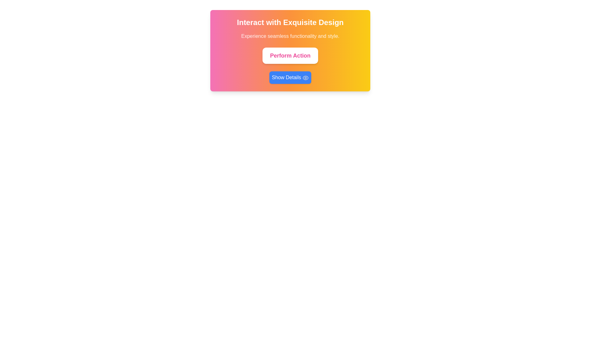 The width and height of the screenshot is (600, 338). Describe the element at coordinates (290, 55) in the screenshot. I see `the 'Perform Action' button, which has a white background, rounded edges, and displays the text in bold pink font to observe the hover effects` at that location.